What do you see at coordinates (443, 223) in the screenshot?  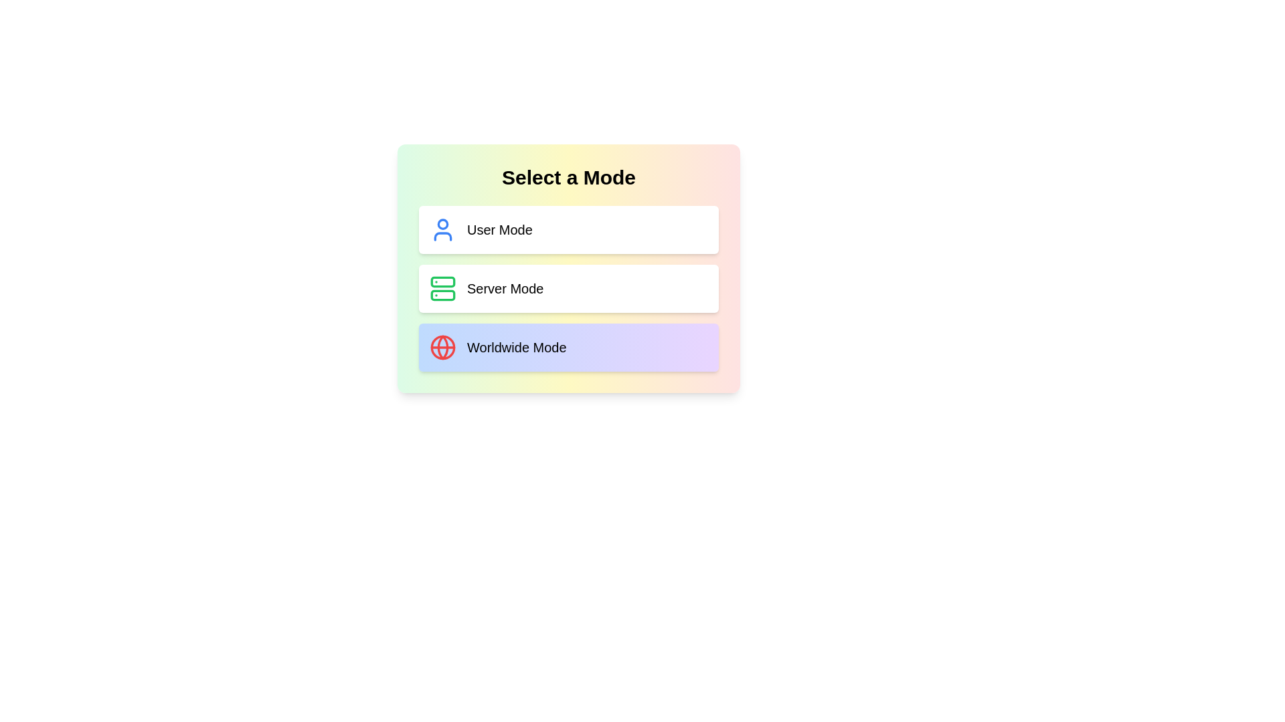 I see `the SVG Circle element that visually represents the 'User Mode' option, which is centrally located within the icon` at bounding box center [443, 223].